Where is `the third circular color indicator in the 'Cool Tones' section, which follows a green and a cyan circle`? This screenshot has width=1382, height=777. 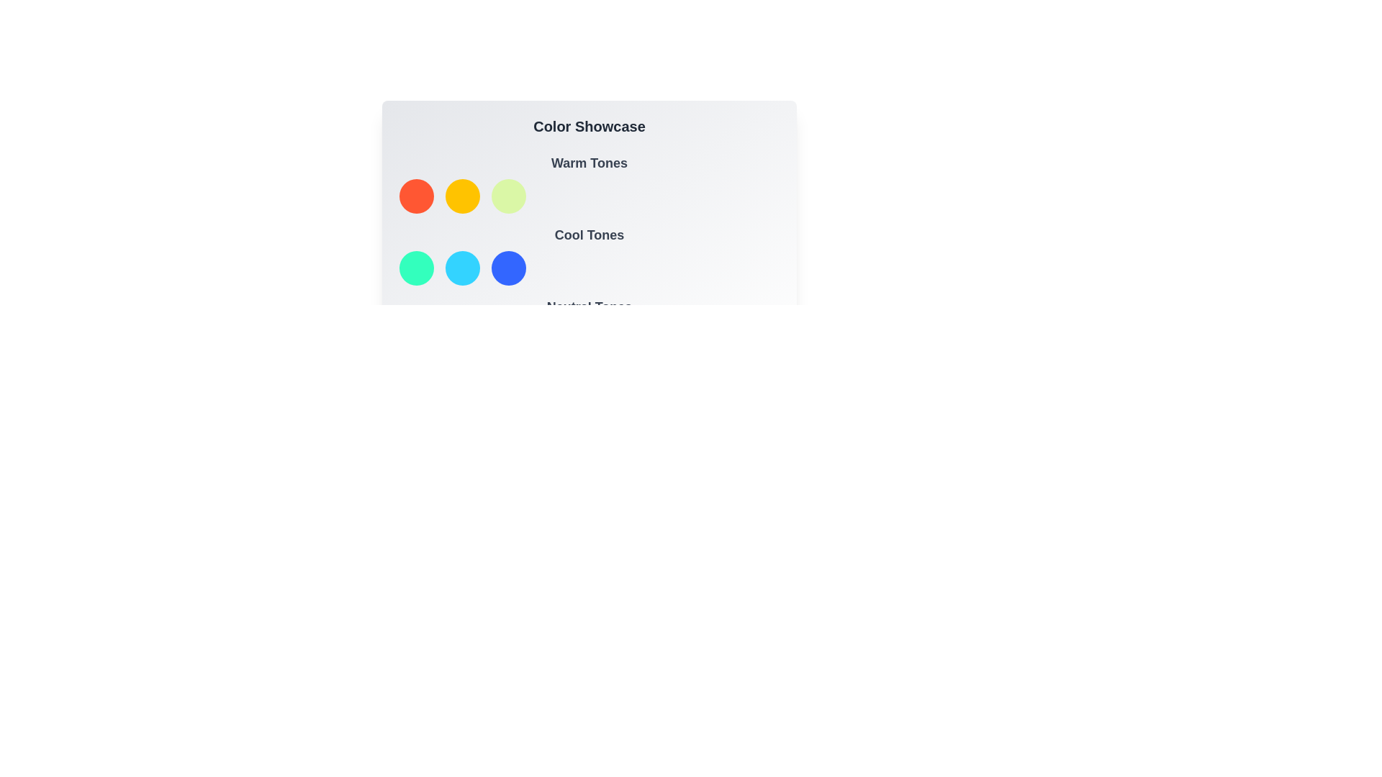 the third circular color indicator in the 'Cool Tones' section, which follows a green and a cyan circle is located at coordinates (508, 268).